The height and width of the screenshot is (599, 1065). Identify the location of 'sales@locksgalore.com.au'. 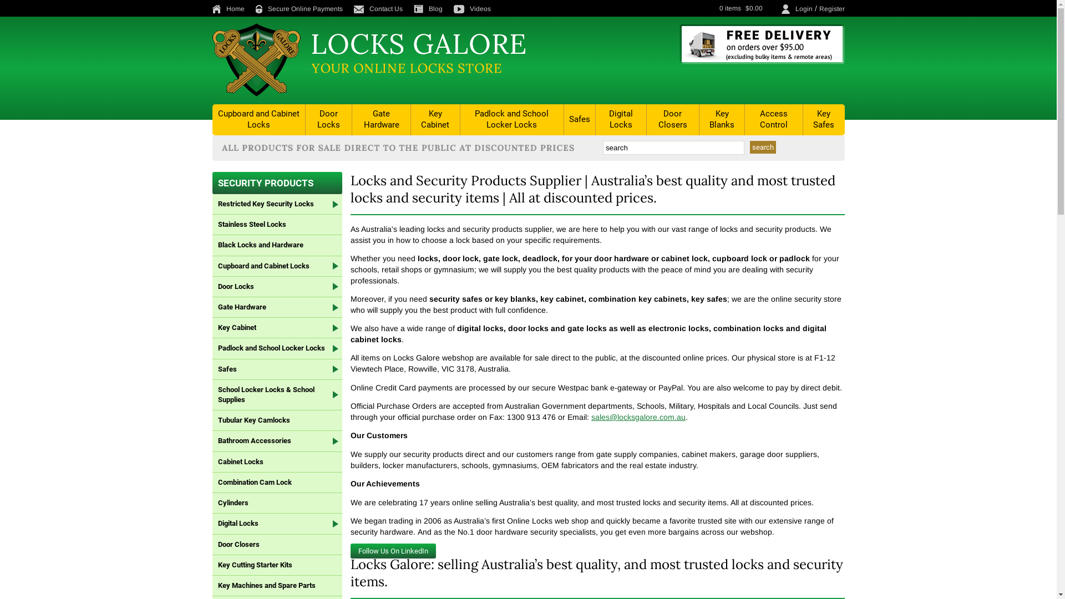
(638, 417).